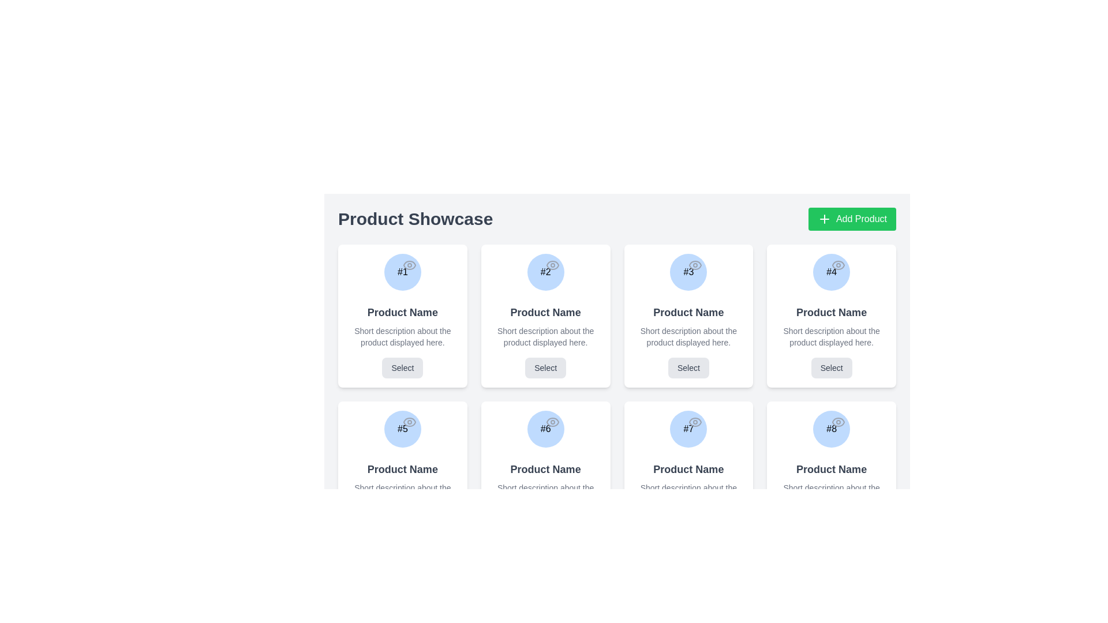 The width and height of the screenshot is (1108, 623). What do you see at coordinates (402, 272) in the screenshot?
I see `the blue circular badge with the text '#1' and an eye-shaped icon, which is located at the center-top of the upper-left product card in a product grid layout` at bounding box center [402, 272].